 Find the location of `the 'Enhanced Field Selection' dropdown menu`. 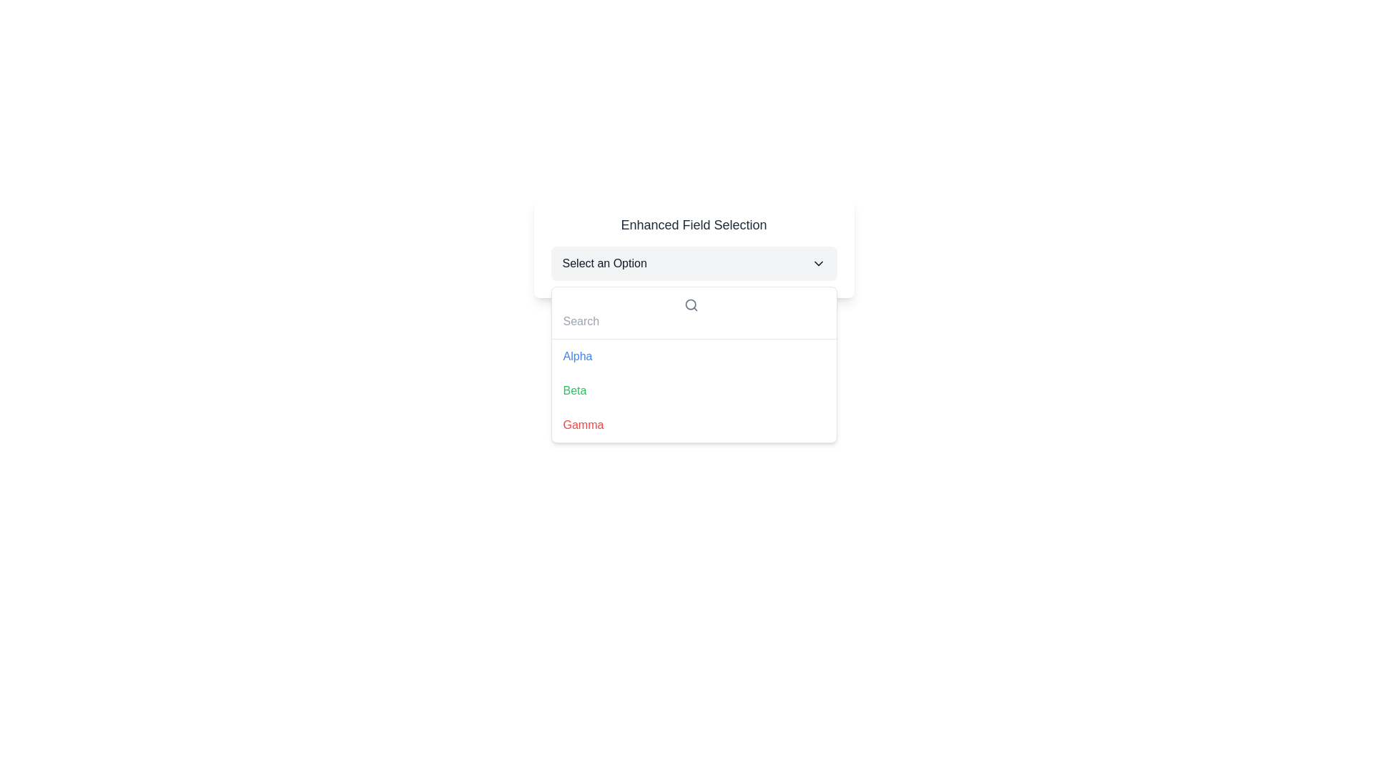

the 'Enhanced Field Selection' dropdown menu is located at coordinates (694, 247).